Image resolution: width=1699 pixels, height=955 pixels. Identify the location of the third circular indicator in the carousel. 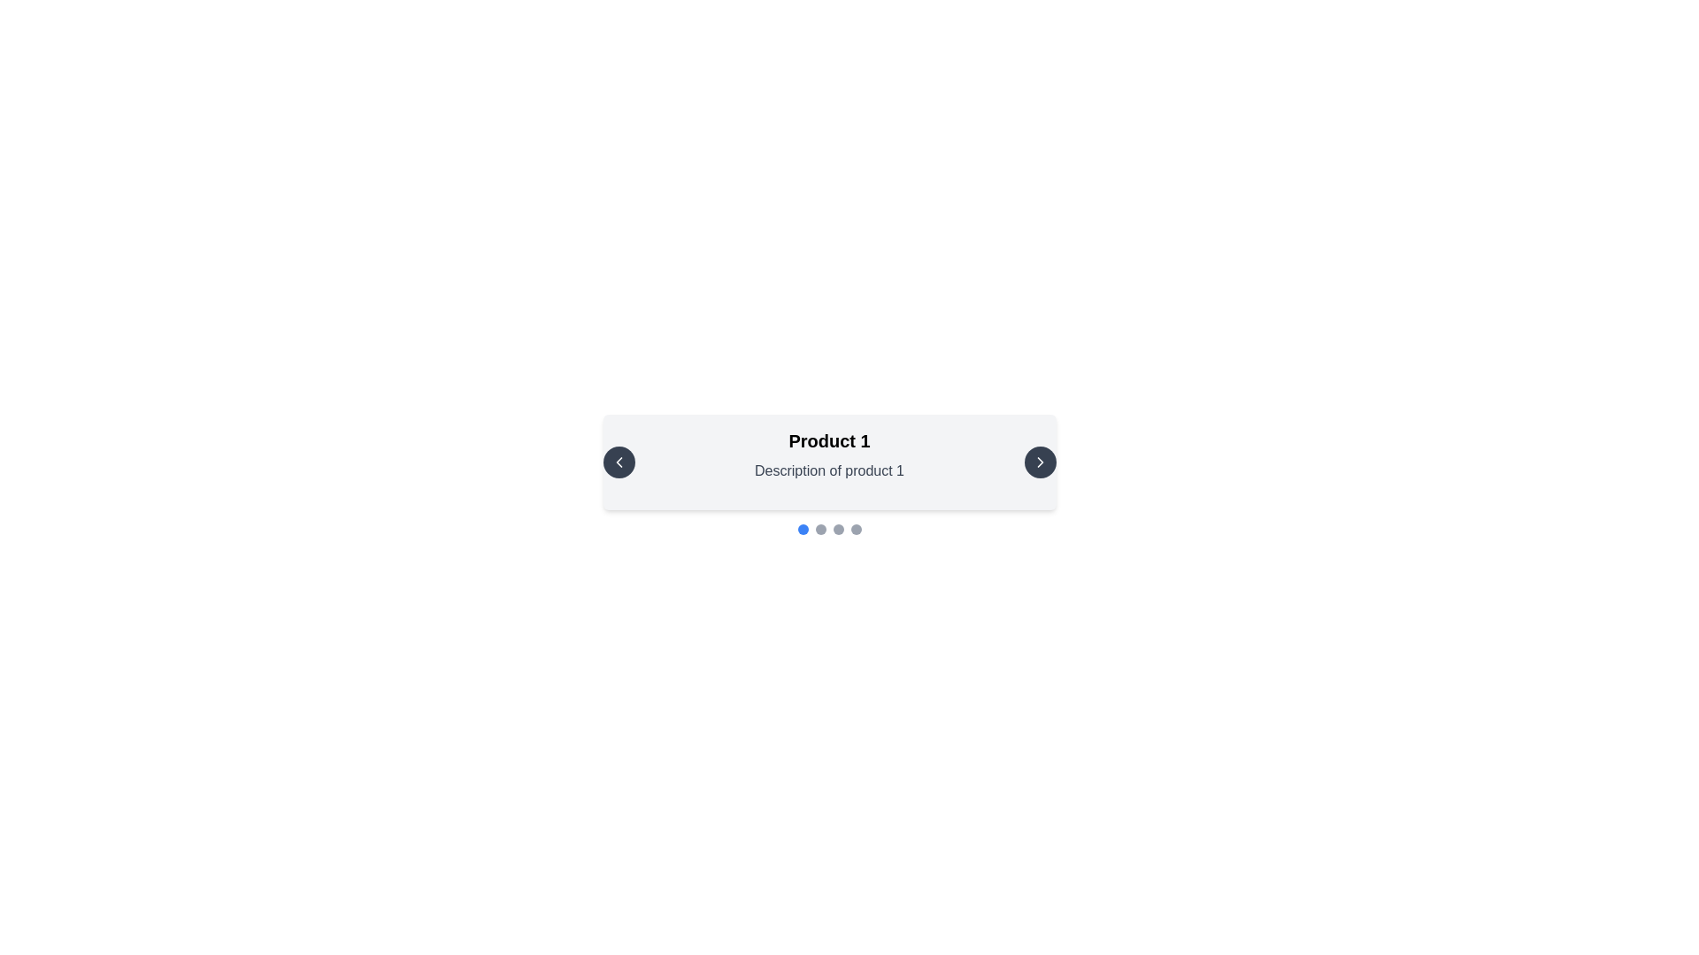
(837, 528).